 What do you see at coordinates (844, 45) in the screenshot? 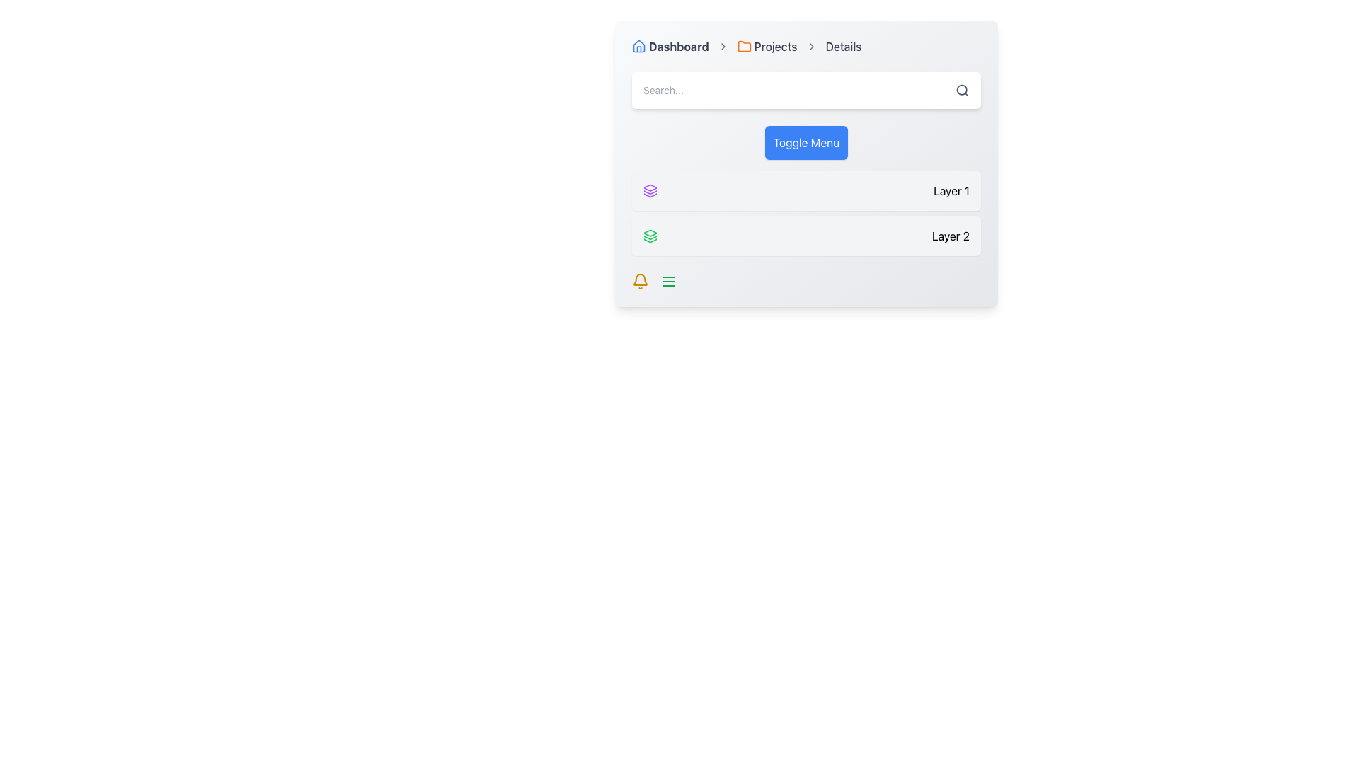
I see `the 'Details' text label located at the end of the breadcrumb navigation bar, which is displayed in dark gray color and standard sans-serif font` at bounding box center [844, 45].